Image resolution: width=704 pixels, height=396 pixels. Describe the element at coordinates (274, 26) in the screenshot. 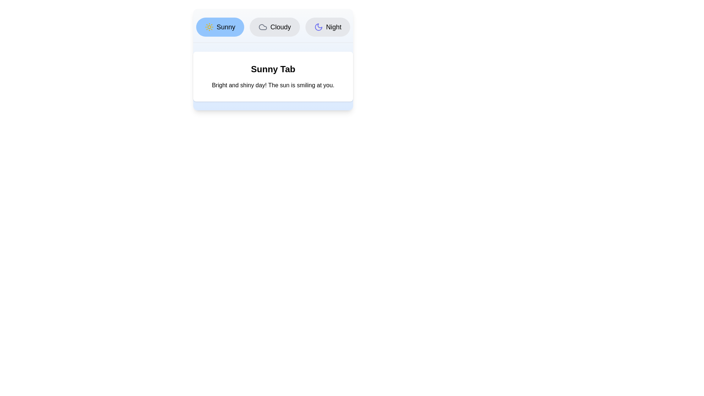

I see `the tab labeled Cloudy to switch to the corresponding content` at that location.